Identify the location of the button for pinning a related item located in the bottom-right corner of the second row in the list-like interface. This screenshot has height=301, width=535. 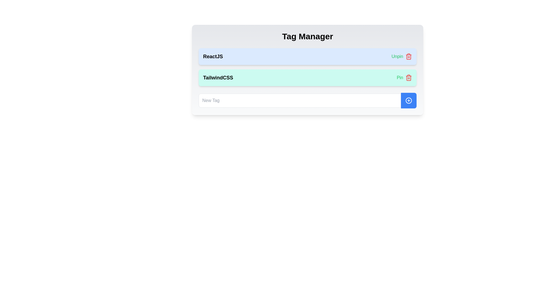
(400, 77).